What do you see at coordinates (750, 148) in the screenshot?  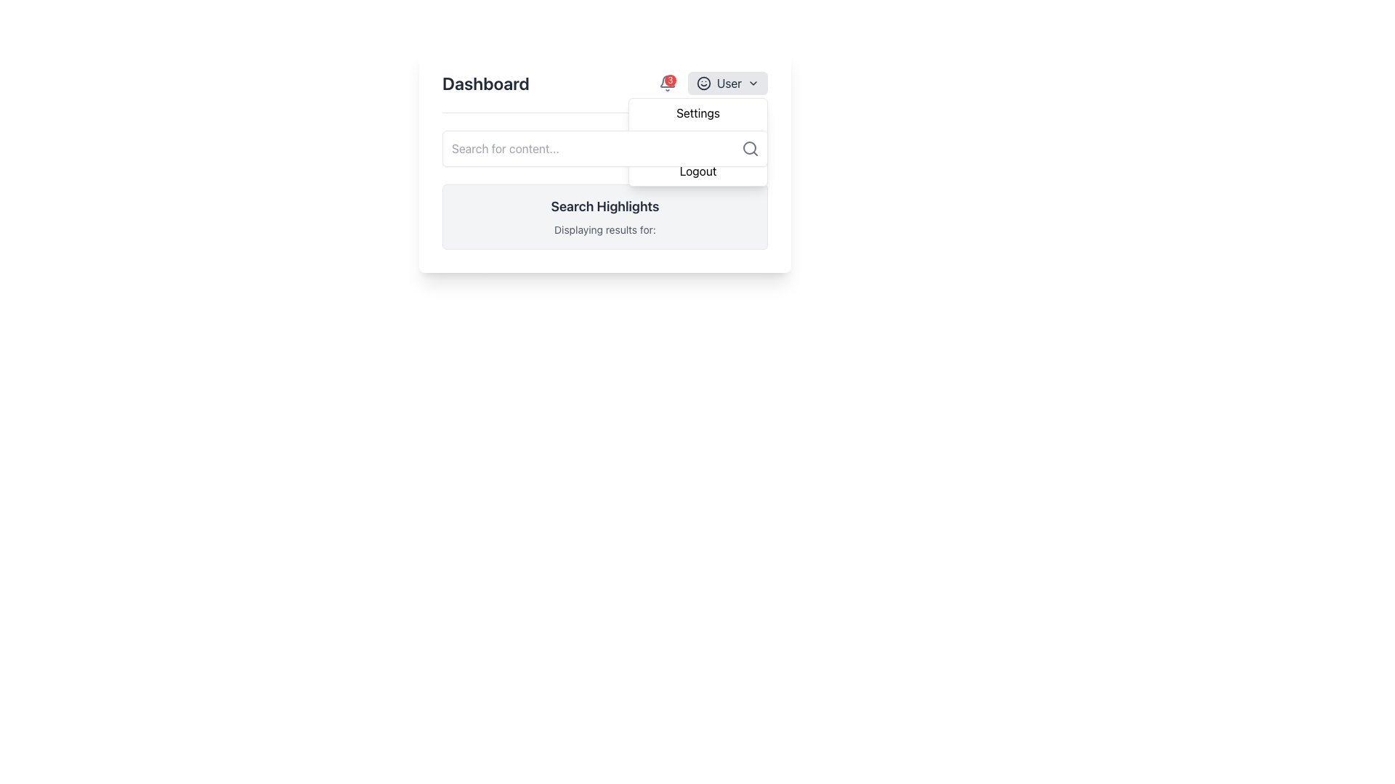 I see `the search icon located at the rightmost position of the search input box` at bounding box center [750, 148].